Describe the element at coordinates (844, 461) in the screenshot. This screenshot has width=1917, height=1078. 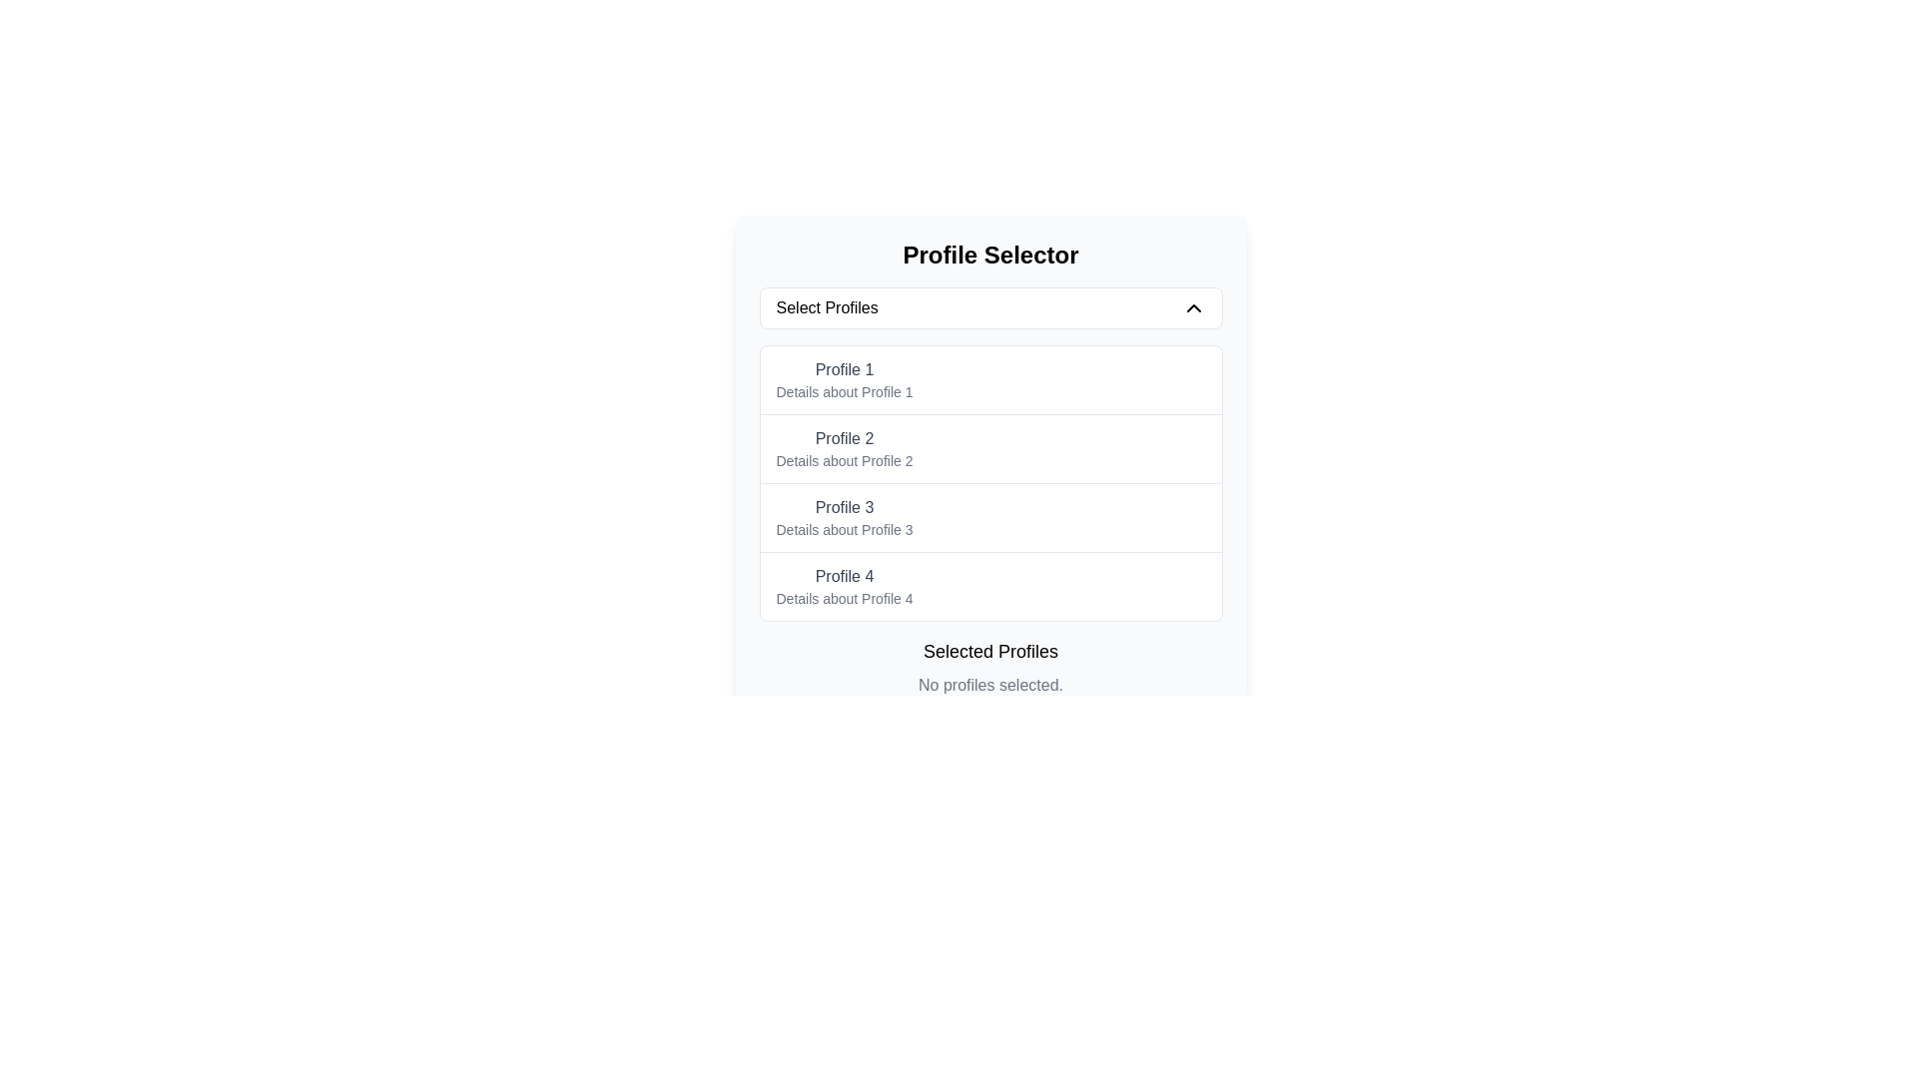
I see `the static text providing additional descriptive information about 'Profile 2' in the 'Profile Selector' dropdown` at that location.